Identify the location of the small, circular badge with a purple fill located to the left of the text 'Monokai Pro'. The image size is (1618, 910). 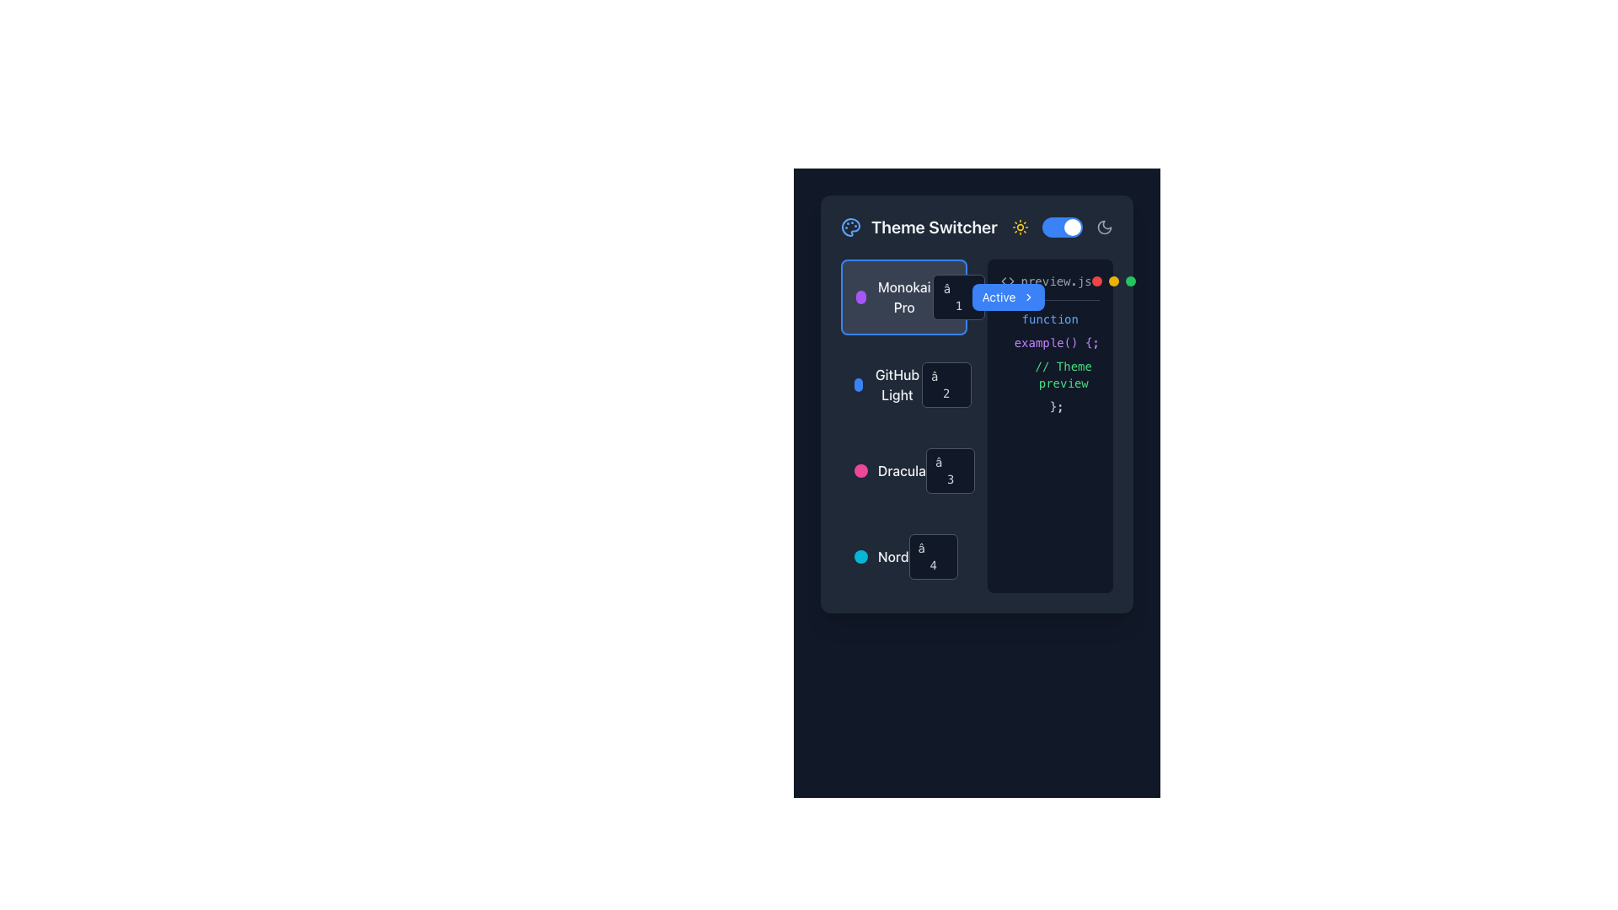
(860, 297).